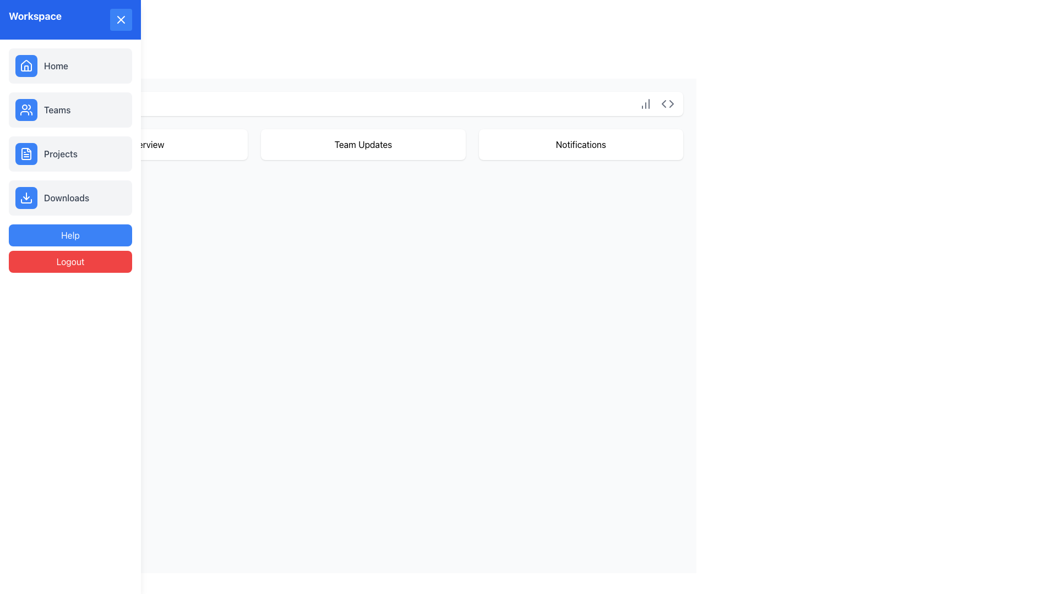 This screenshot has width=1057, height=594. What do you see at coordinates (121, 19) in the screenshot?
I see `the small blue circular button with a white cross symbol located` at bounding box center [121, 19].